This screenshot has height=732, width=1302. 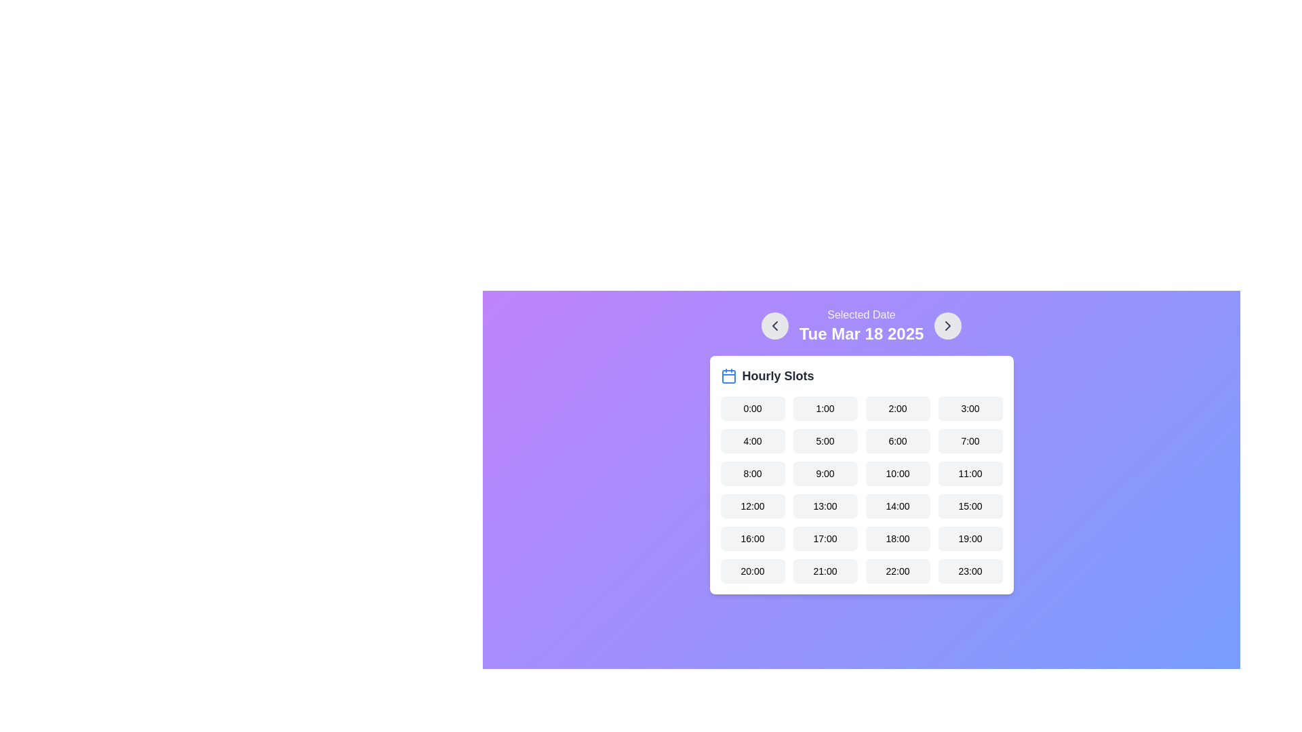 I want to click on the forward navigation button located to the right of the selected date display 'Tue Mar 18 2025', so click(x=947, y=326).